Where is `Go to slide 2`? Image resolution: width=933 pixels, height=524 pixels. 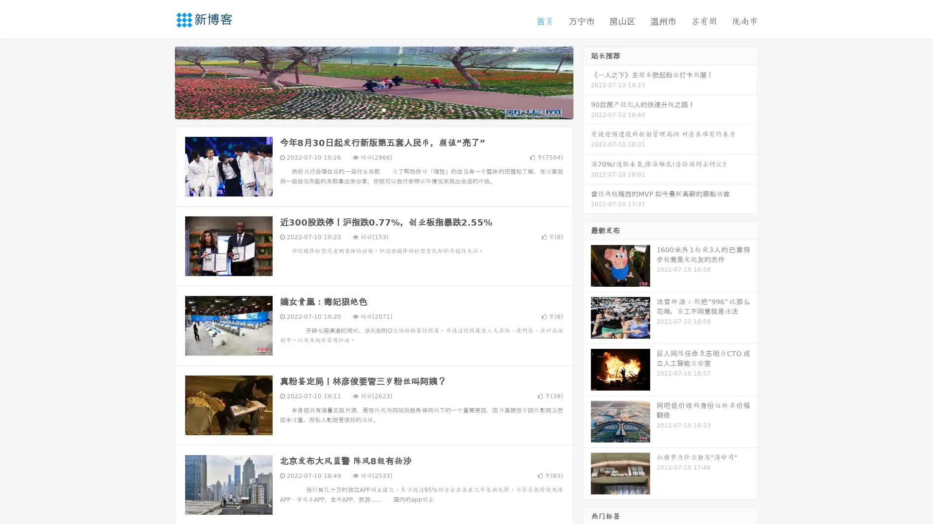 Go to slide 2 is located at coordinates (373, 109).